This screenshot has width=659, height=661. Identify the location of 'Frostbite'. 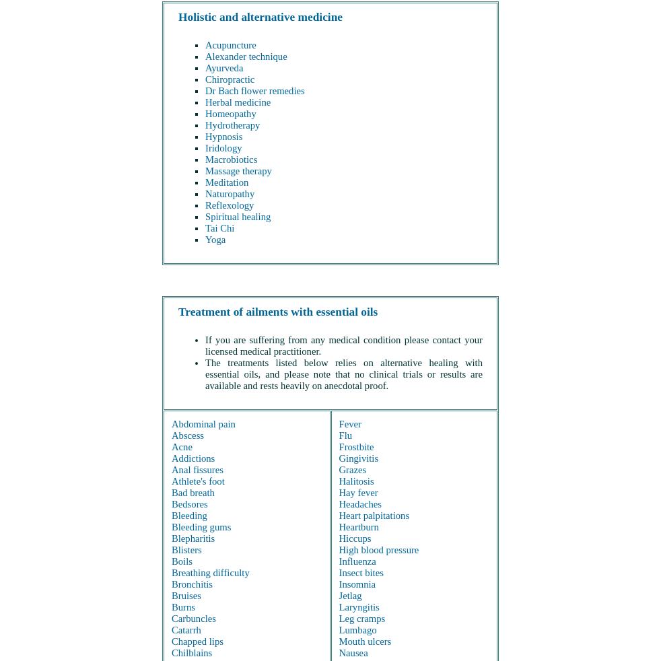
(355, 446).